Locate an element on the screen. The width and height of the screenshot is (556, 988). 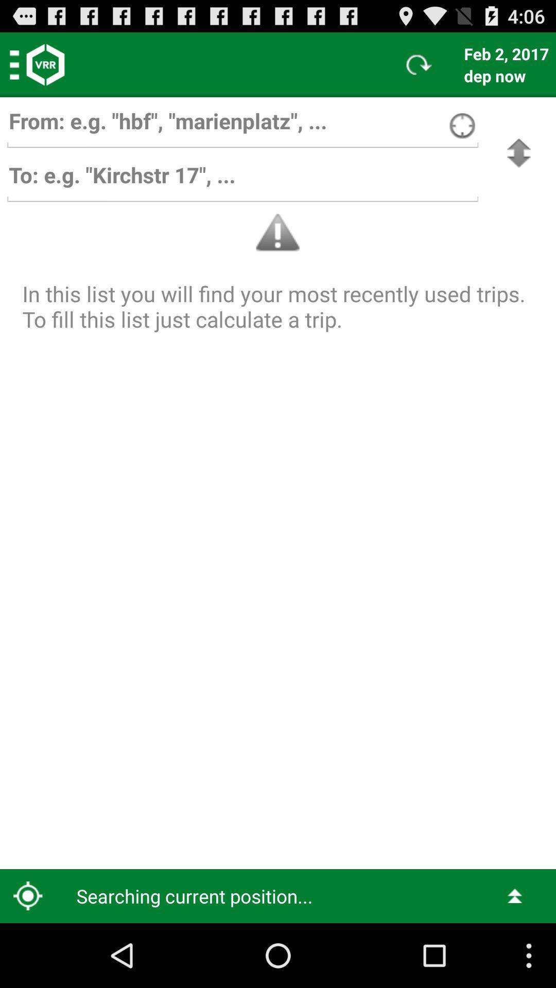
logo above first text field in the page is located at coordinates (45, 64).